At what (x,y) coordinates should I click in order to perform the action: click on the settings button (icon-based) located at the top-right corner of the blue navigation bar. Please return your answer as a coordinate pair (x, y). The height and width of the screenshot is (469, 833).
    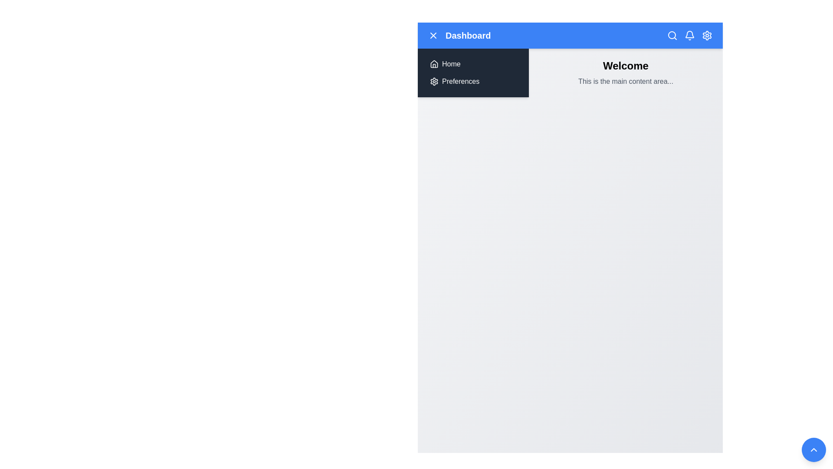
    Looking at the image, I should click on (707, 35).